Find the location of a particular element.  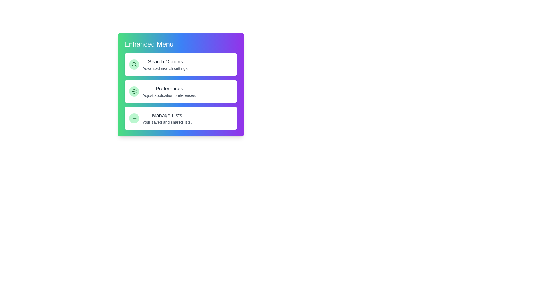

the menu item titled Search Options from the StyledMenu is located at coordinates (181, 64).